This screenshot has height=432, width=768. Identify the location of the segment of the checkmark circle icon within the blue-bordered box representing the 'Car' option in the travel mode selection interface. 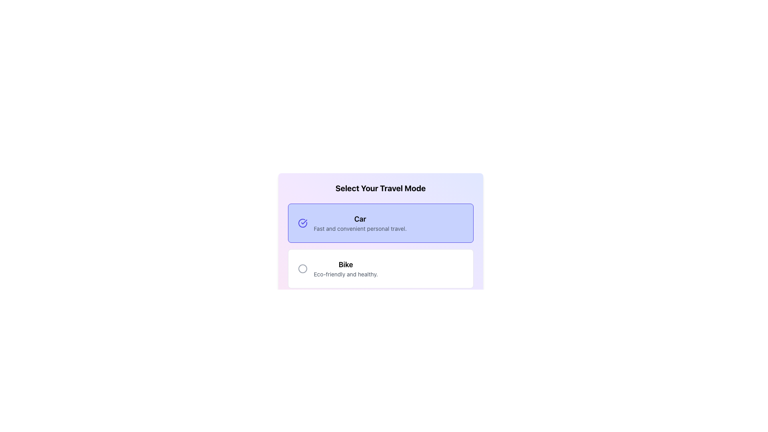
(302, 223).